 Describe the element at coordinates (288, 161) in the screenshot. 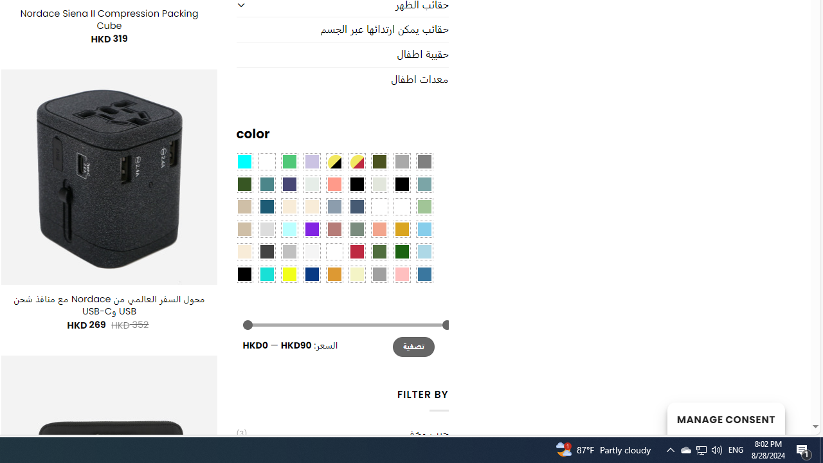

I see `'Emerald Green'` at that location.